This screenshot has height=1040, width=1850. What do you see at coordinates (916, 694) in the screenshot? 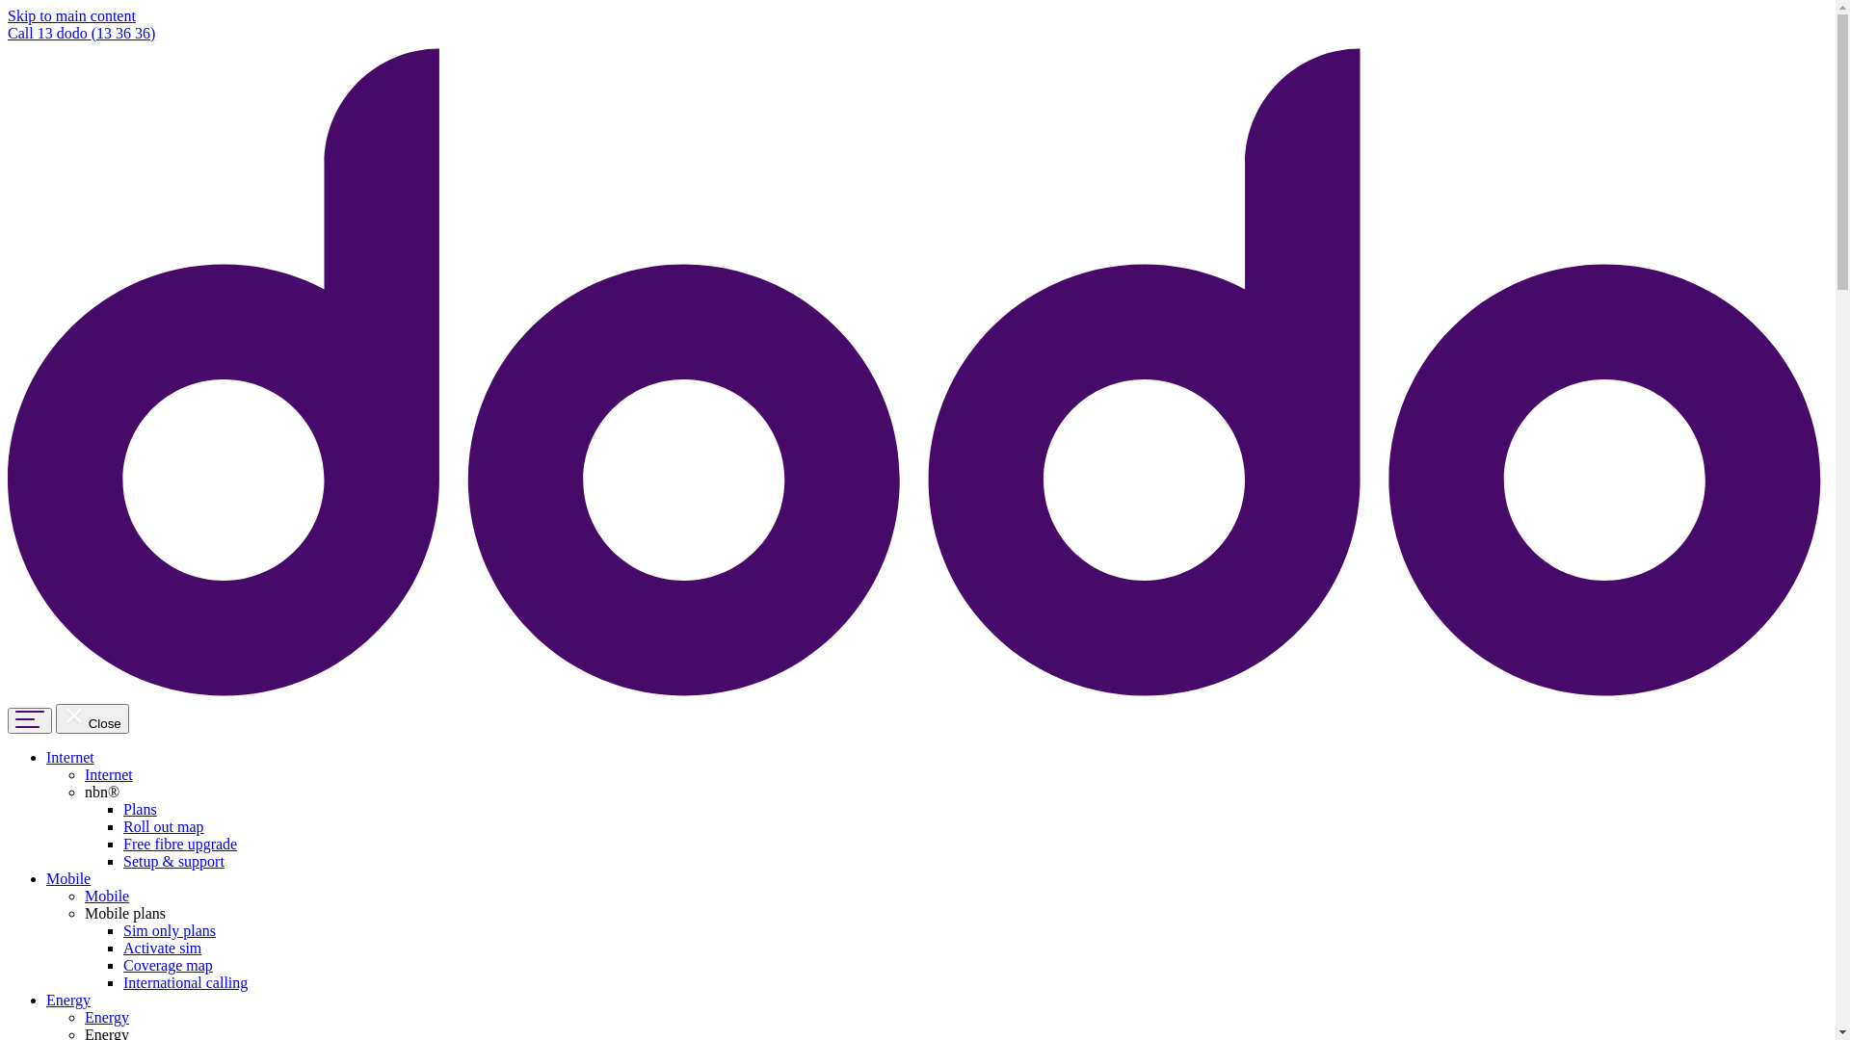
I see `'Home'` at bounding box center [916, 694].